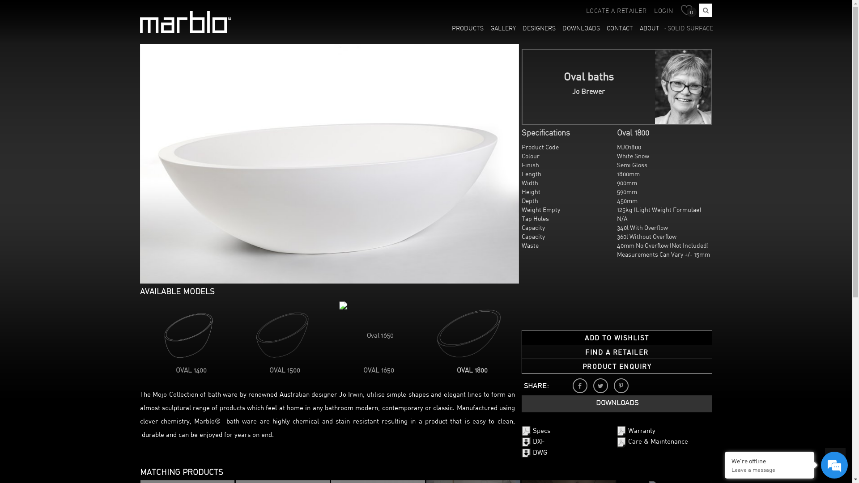 This screenshot has height=483, width=859. I want to click on 'Specs', so click(536, 431).